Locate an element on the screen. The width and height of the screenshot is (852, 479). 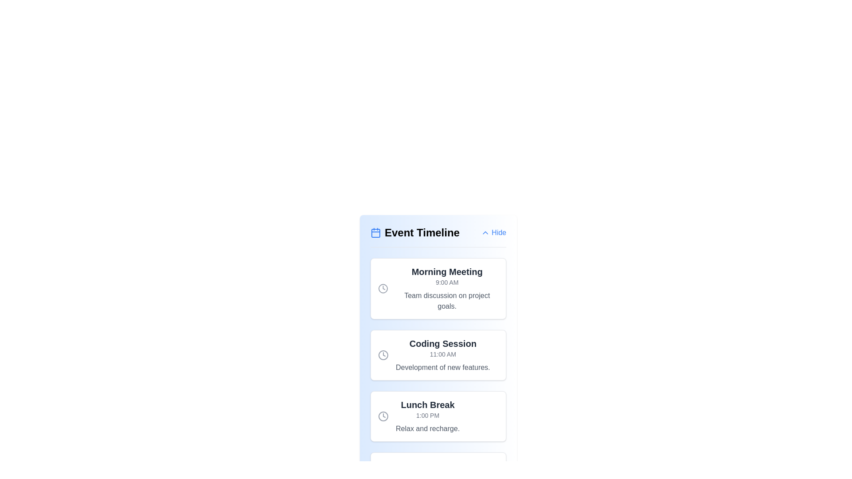
the text label displaying the time of the 'Coding Session', which is centrally positioned within the 'Coding Session' card, below the title and above the description text is located at coordinates (443, 353).